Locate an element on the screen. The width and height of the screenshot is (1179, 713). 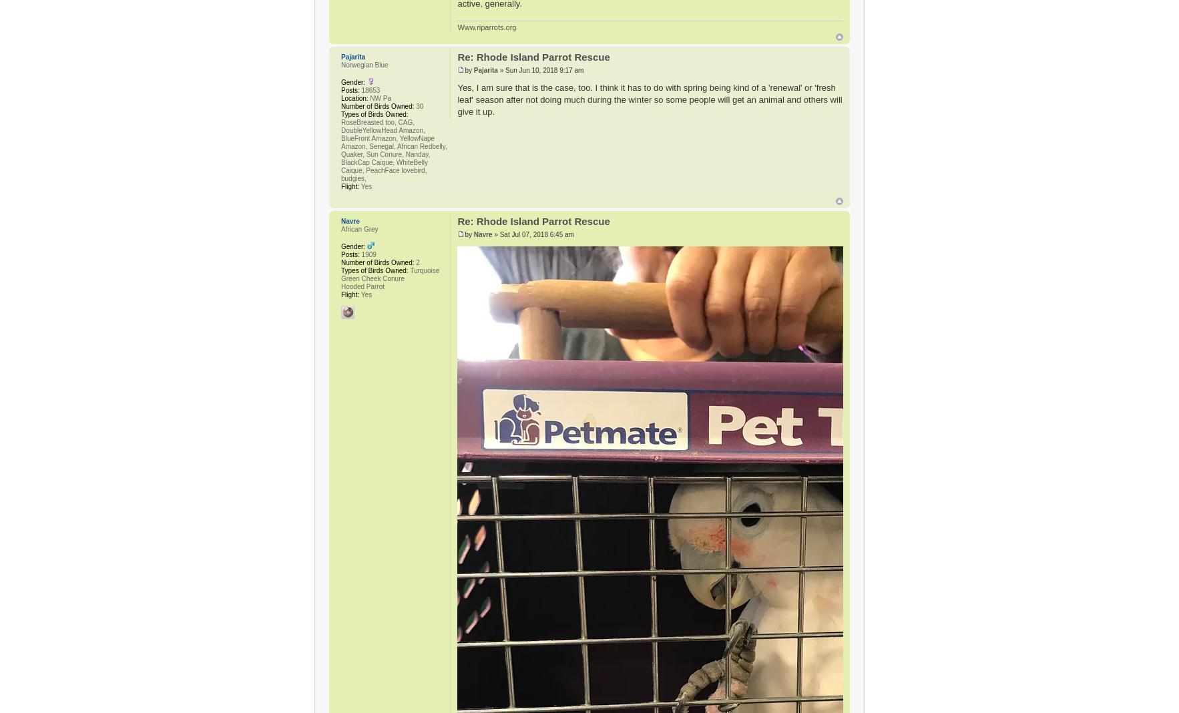
'18653' is located at coordinates (359, 89).